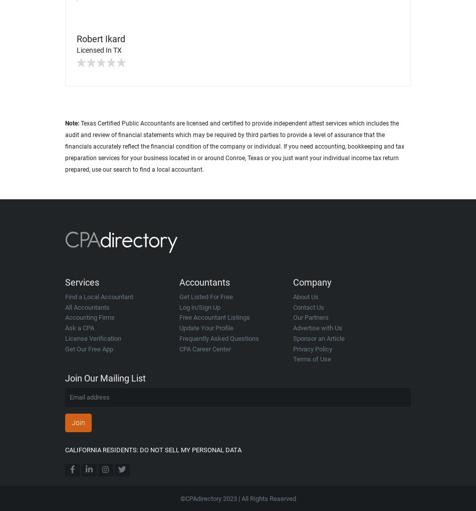 The height and width of the screenshot is (511, 476). Describe the element at coordinates (65, 317) in the screenshot. I see `'Accounting Firms'` at that location.